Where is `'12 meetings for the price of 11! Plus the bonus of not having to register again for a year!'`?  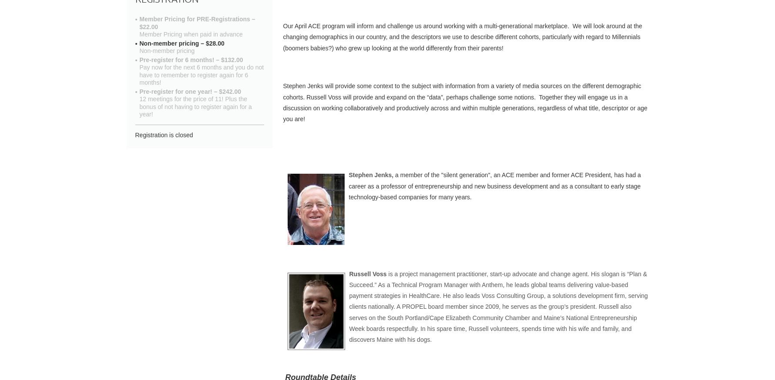 '12 meetings for the price of 11! Plus the bonus of not having to register again for a year!' is located at coordinates (139, 106).